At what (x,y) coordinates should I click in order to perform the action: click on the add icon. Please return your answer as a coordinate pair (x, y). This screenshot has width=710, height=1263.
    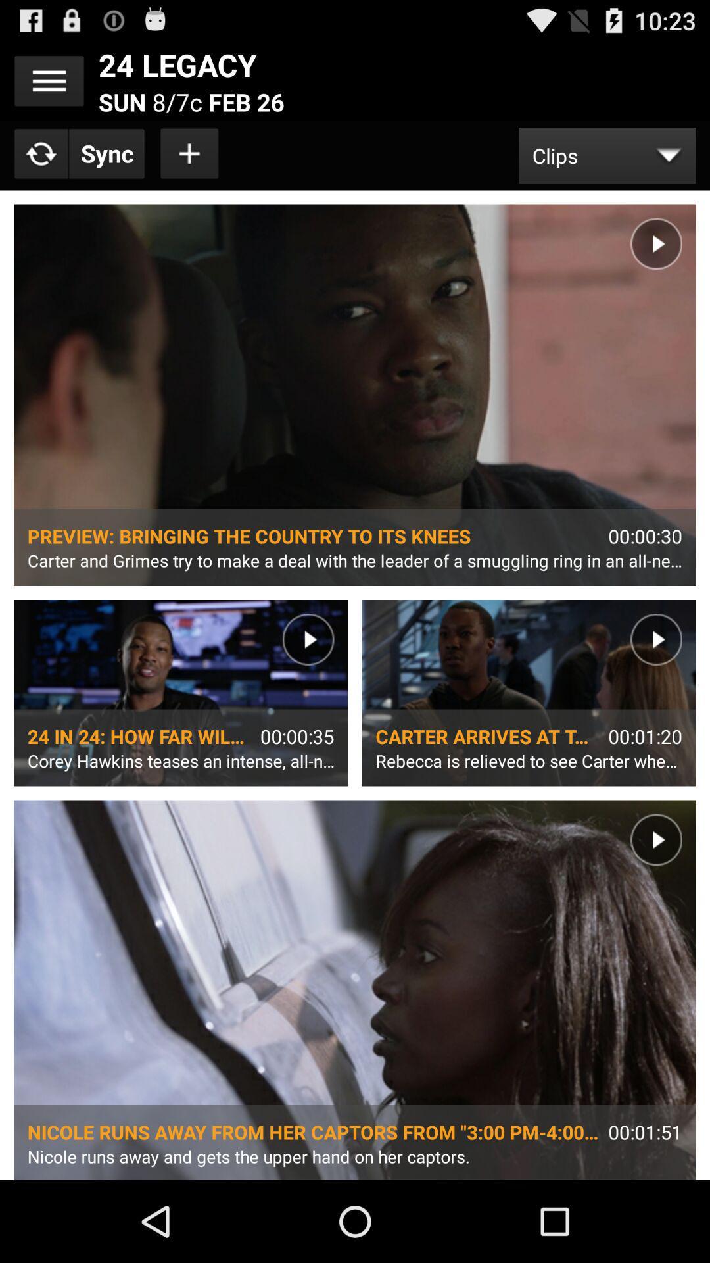
    Looking at the image, I should click on (190, 163).